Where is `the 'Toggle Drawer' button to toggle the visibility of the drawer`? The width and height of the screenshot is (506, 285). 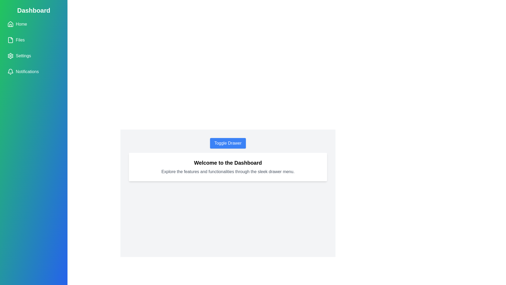 the 'Toggle Drawer' button to toggle the visibility of the drawer is located at coordinates (228, 143).